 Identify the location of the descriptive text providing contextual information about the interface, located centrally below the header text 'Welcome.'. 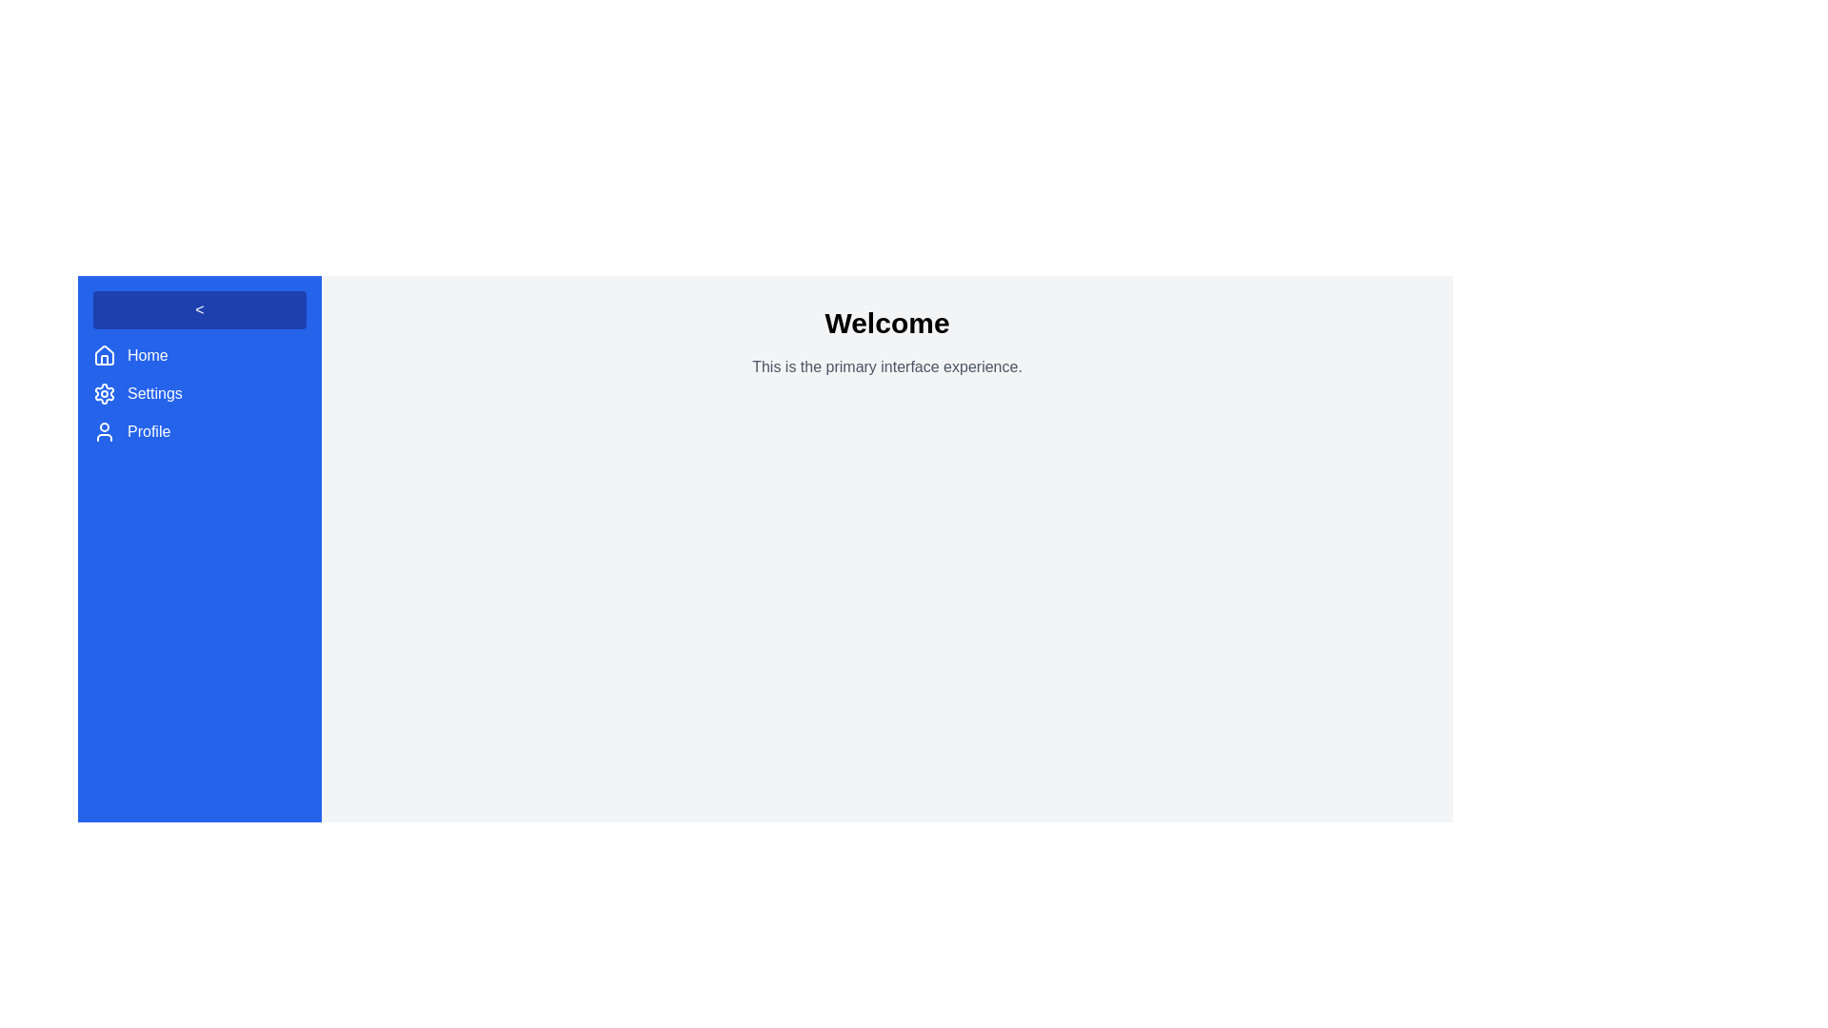
(885, 366).